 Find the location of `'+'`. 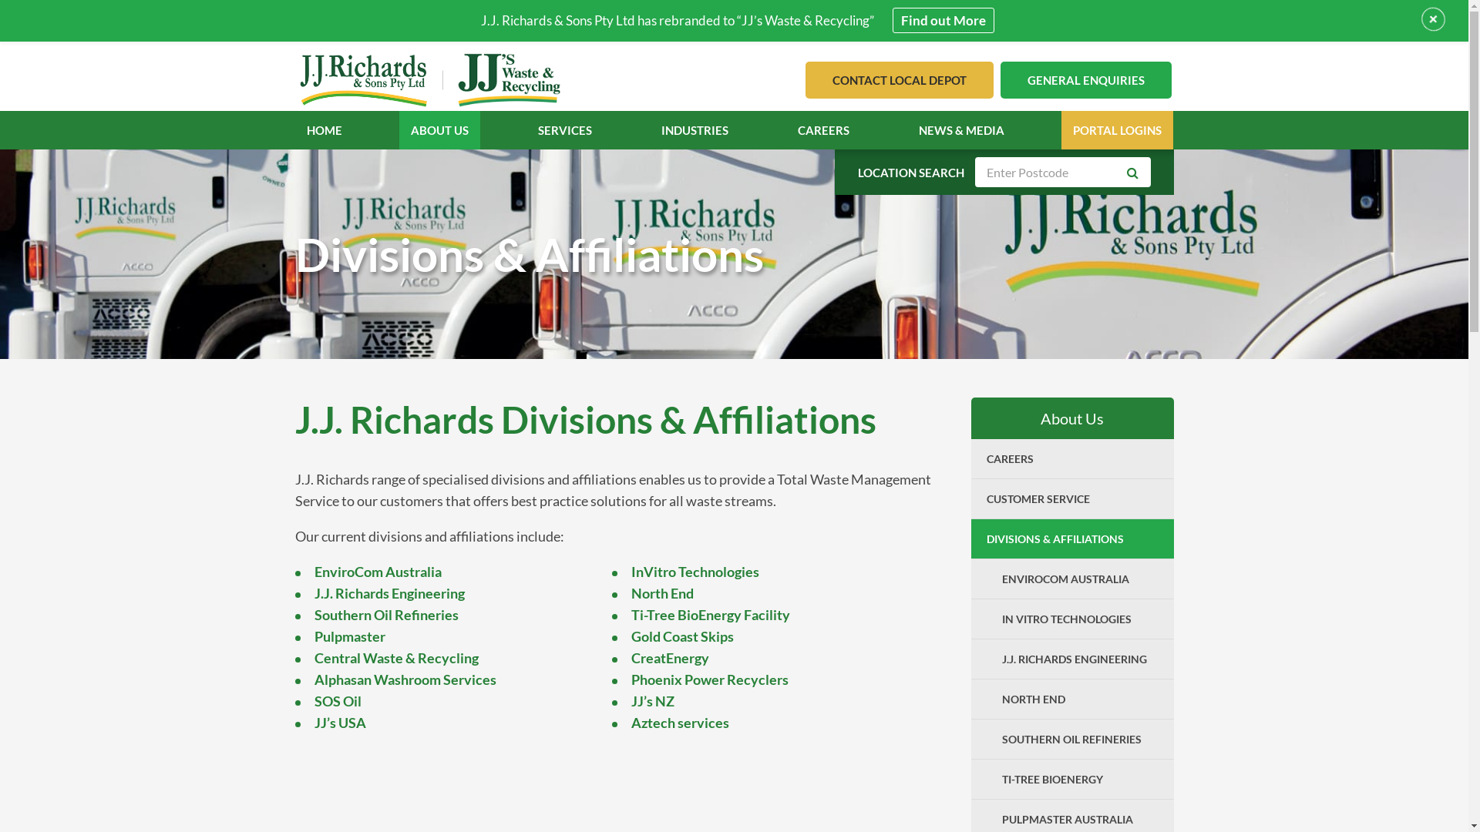

'+' is located at coordinates (1432, 18).